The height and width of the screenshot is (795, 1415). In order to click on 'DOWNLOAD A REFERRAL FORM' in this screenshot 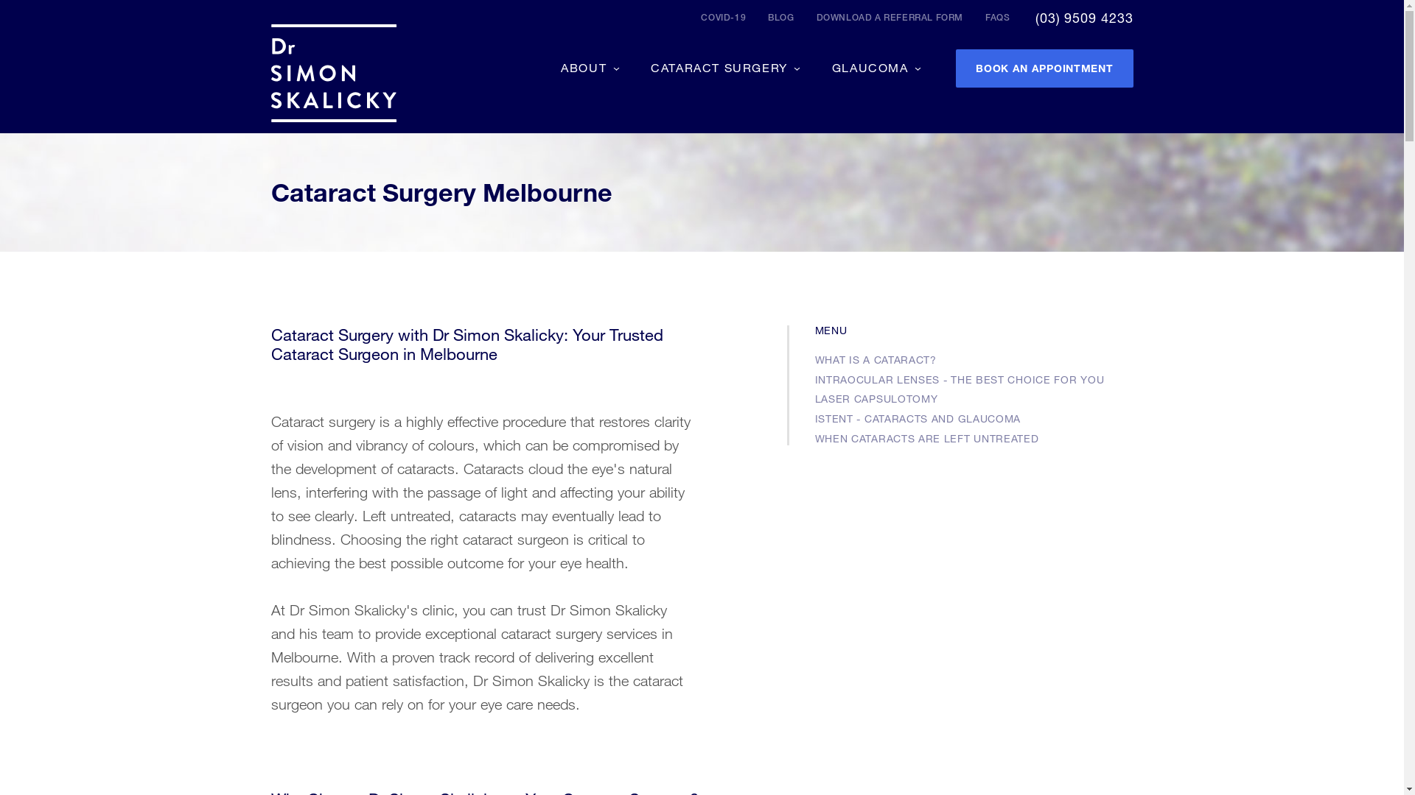, I will do `click(889, 17)`.